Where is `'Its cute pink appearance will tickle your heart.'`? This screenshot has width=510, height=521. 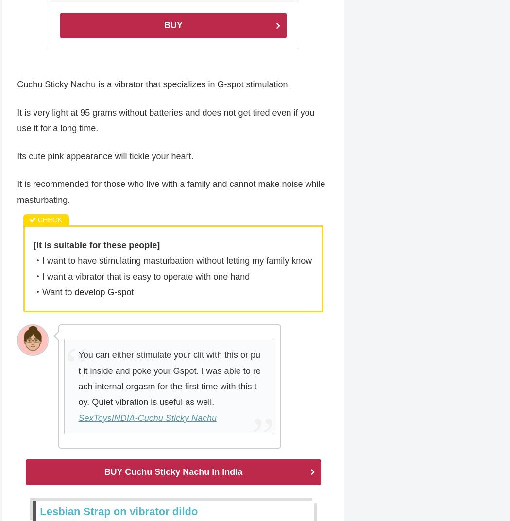
'Its cute pink appearance will tickle your heart.' is located at coordinates (104, 156).